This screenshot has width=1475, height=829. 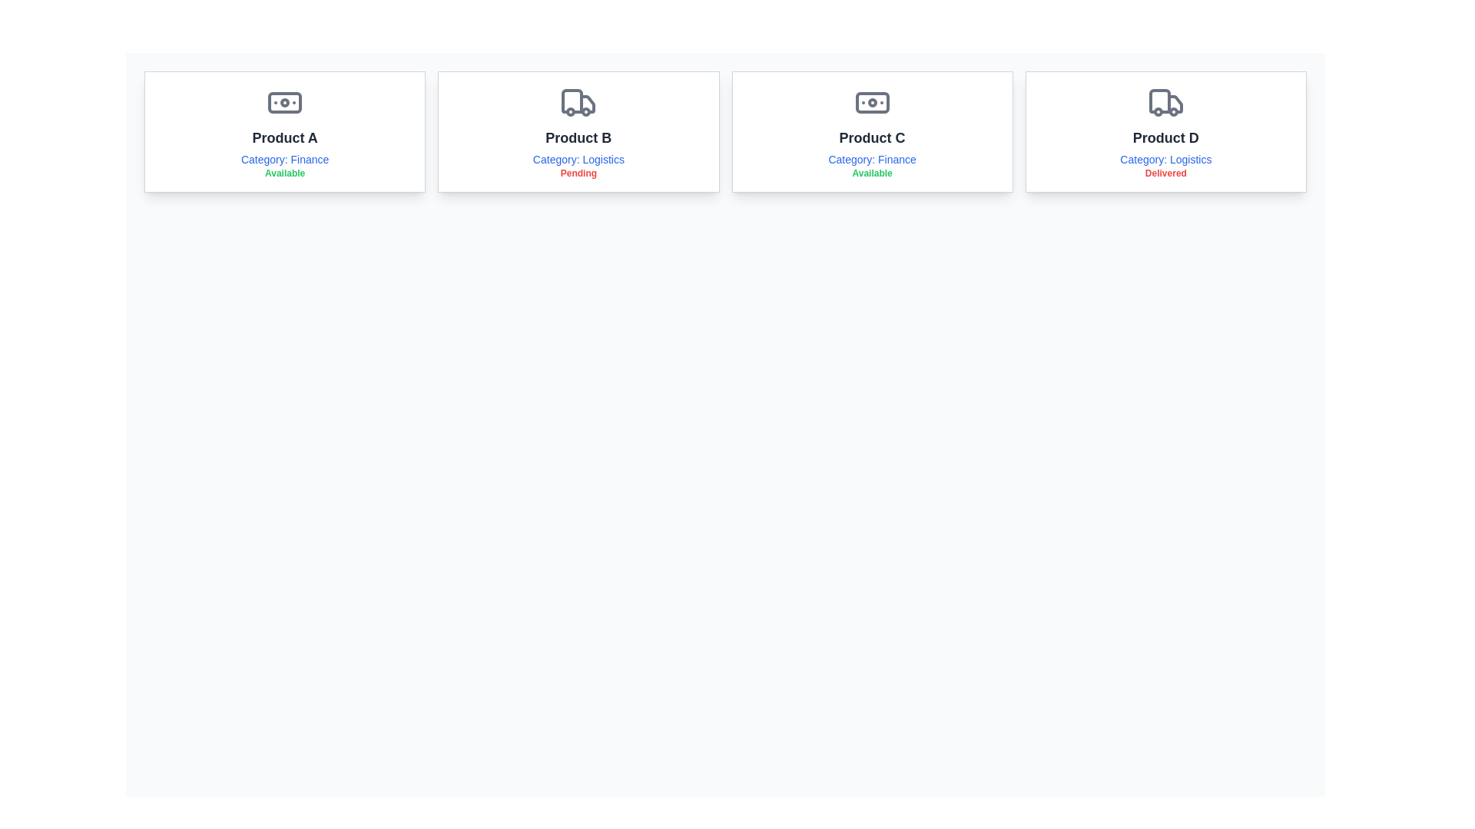 I want to click on the banknote icon in the upper section of the 'Product C' card, which is centered horizontally and located above the text 'Product C', so click(x=872, y=103).